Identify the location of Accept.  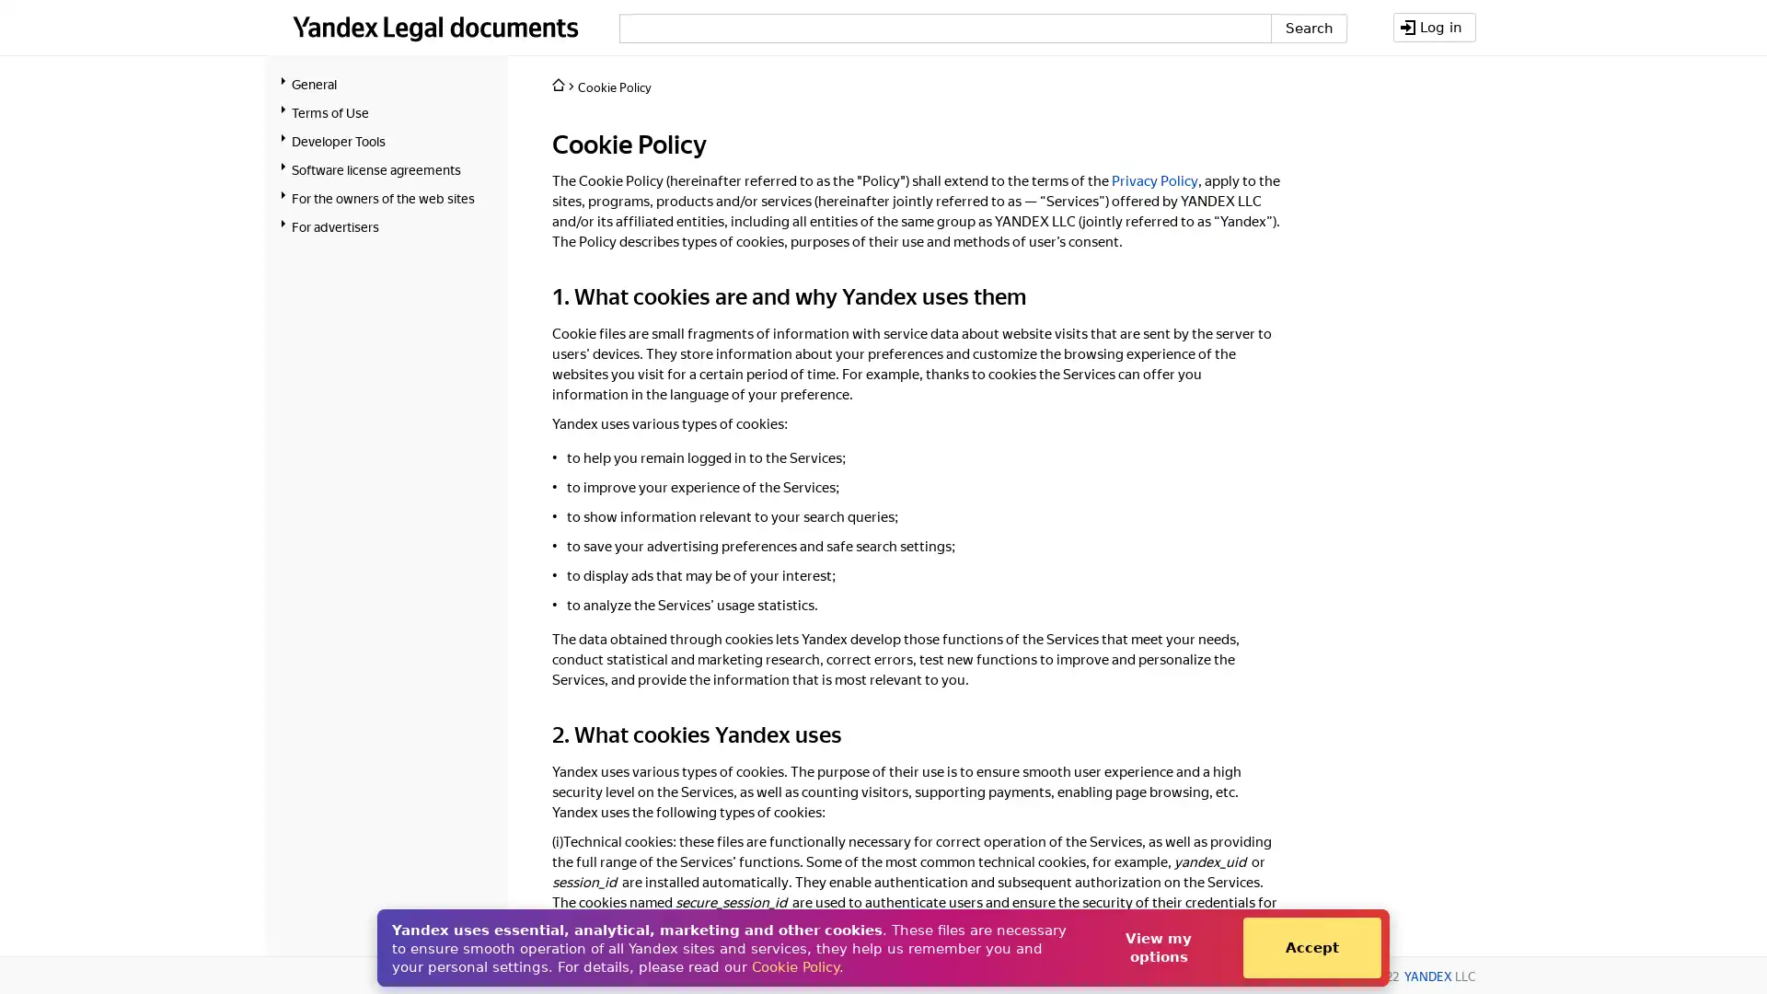
(1311, 947).